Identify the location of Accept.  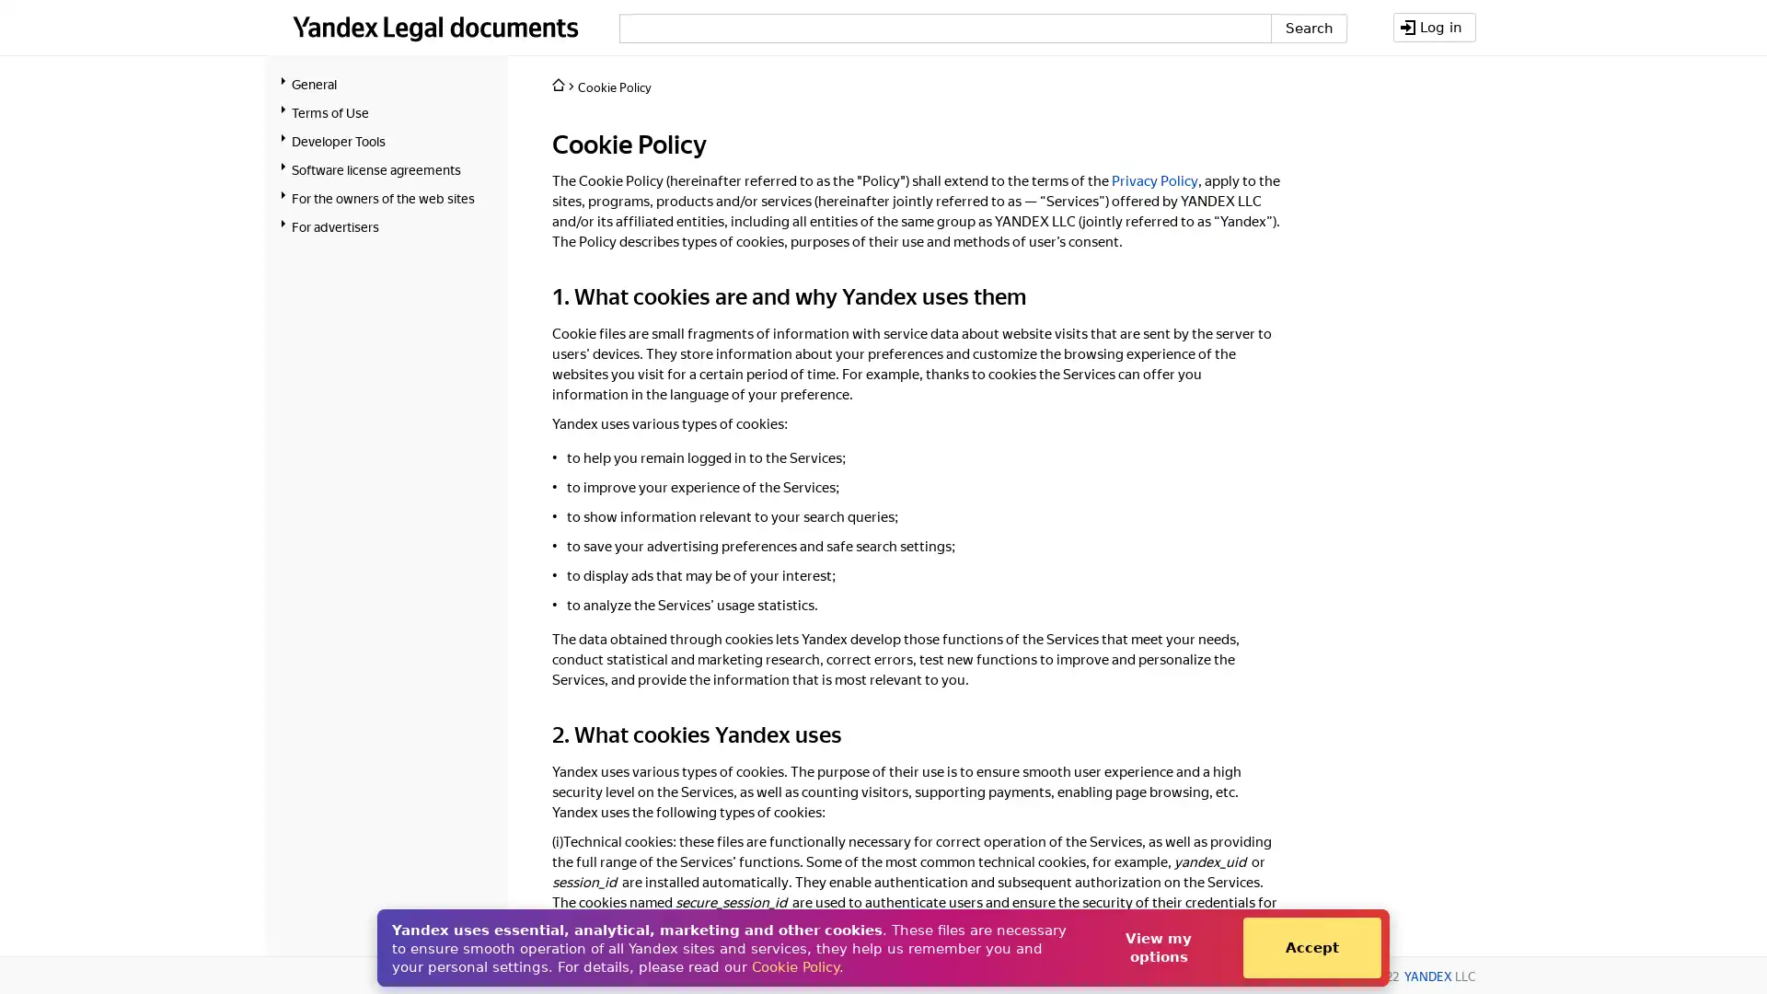
(1311, 947).